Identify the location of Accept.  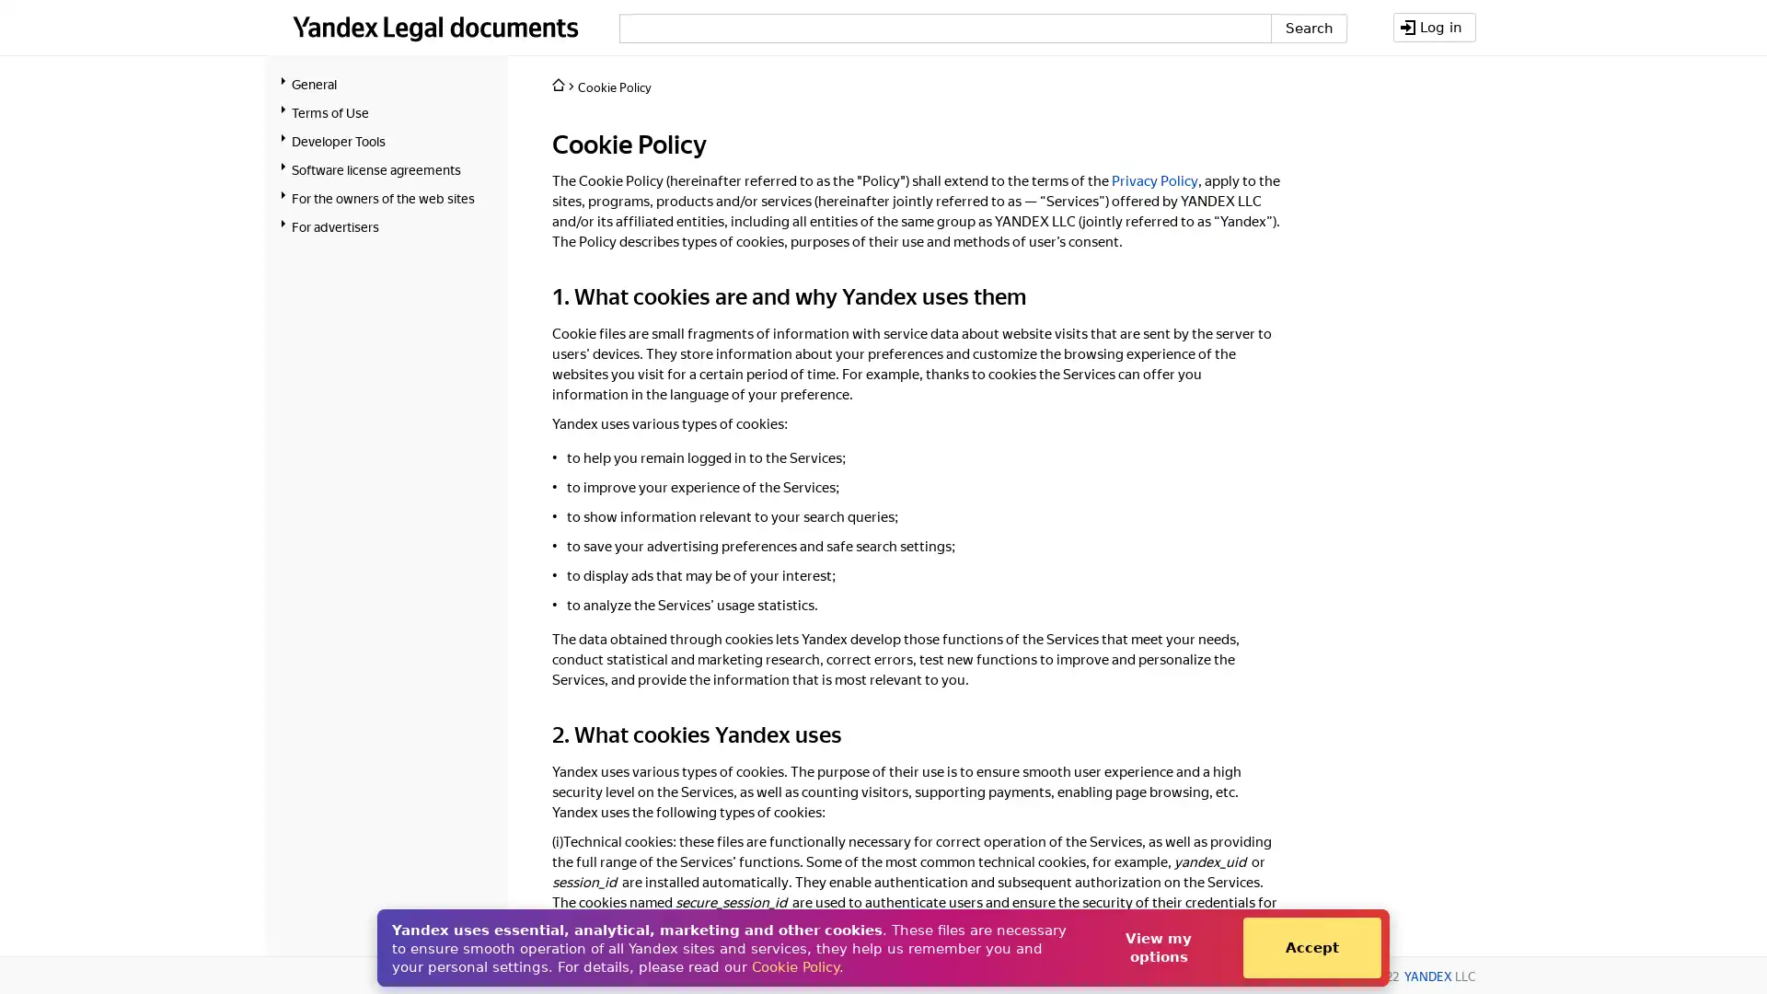
(1311, 947).